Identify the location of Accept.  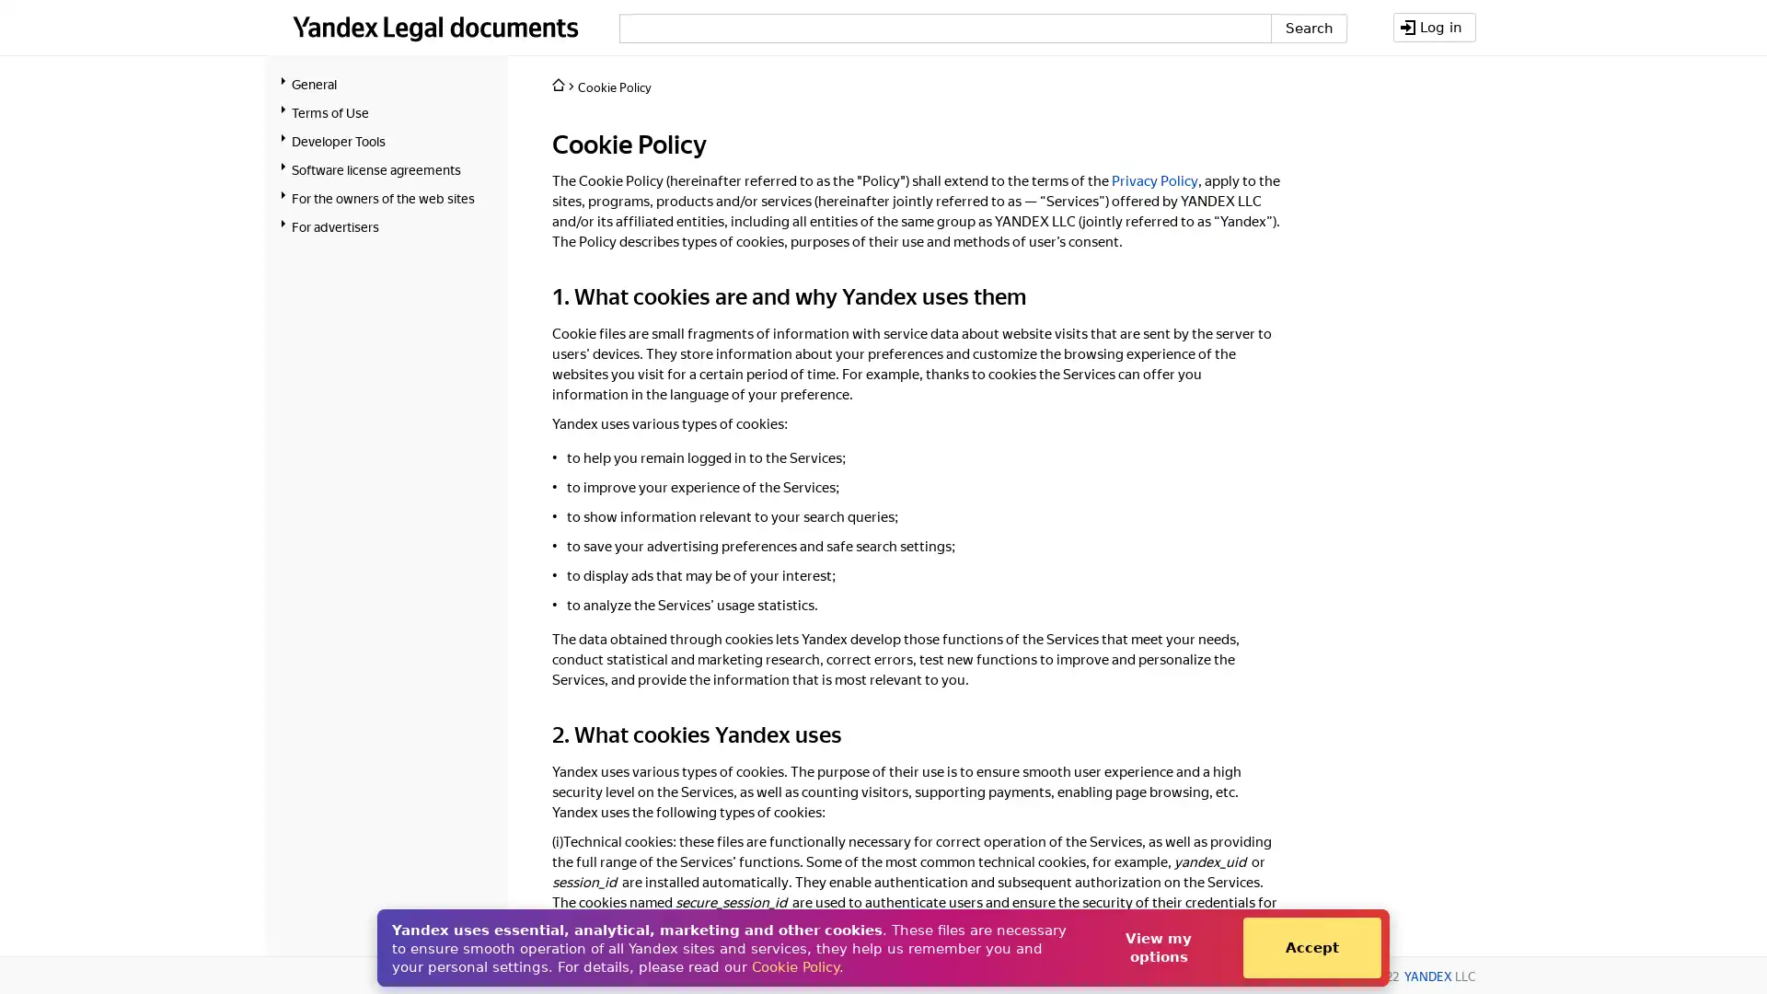
(1311, 947).